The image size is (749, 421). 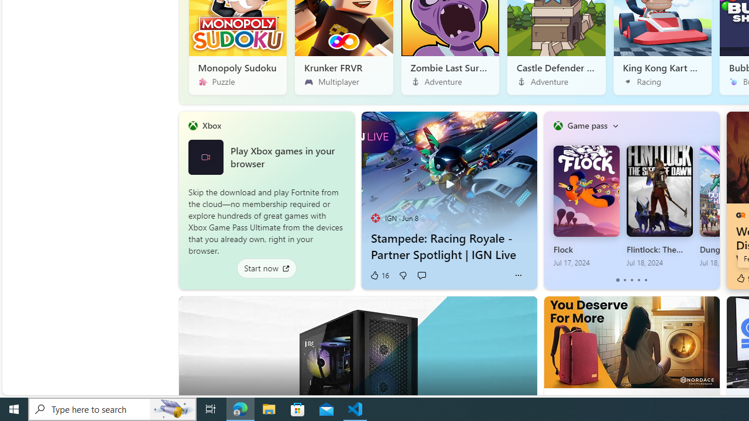 What do you see at coordinates (379, 275) in the screenshot?
I see `'16 Like'` at bounding box center [379, 275].